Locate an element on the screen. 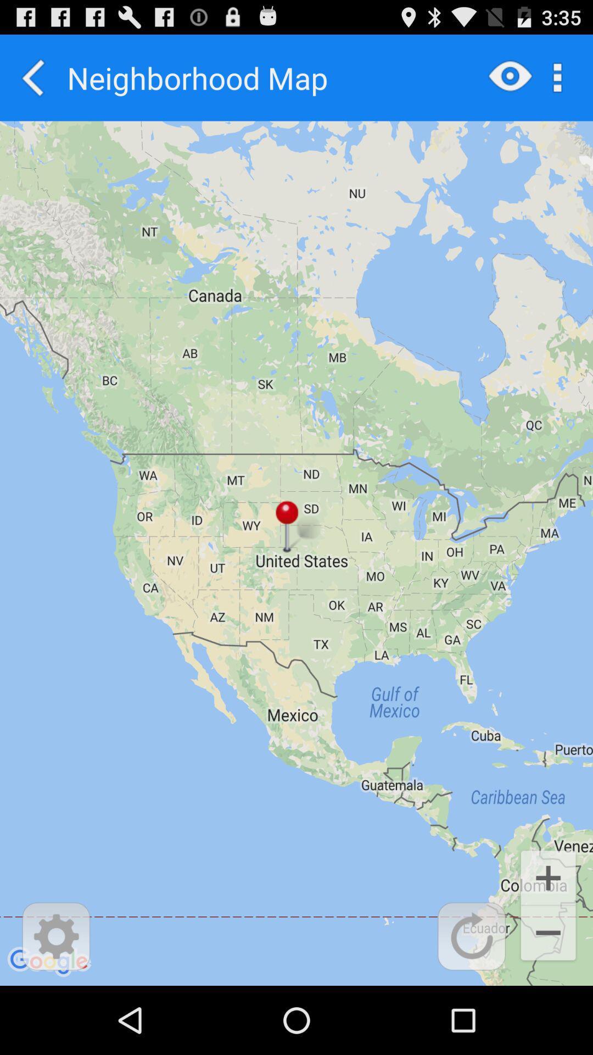 This screenshot has height=1055, width=593. the refresh icon is located at coordinates (471, 1002).